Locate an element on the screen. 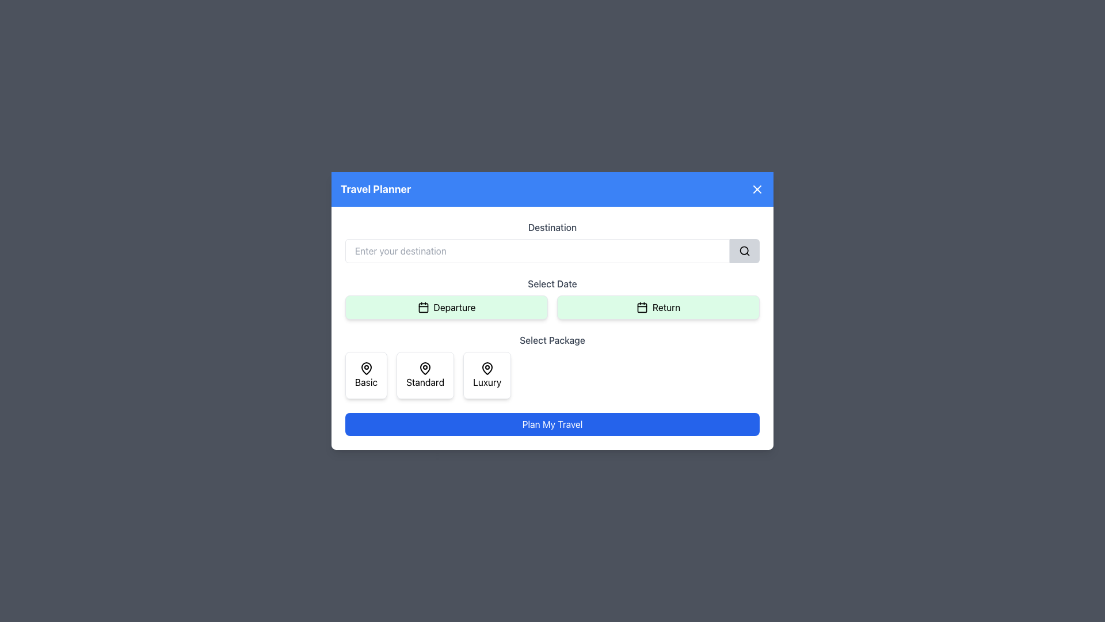 This screenshot has height=622, width=1105. the calendar icon located to the left of the 'Return' text within the green button in the 'Select Date' section is located at coordinates (641, 306).